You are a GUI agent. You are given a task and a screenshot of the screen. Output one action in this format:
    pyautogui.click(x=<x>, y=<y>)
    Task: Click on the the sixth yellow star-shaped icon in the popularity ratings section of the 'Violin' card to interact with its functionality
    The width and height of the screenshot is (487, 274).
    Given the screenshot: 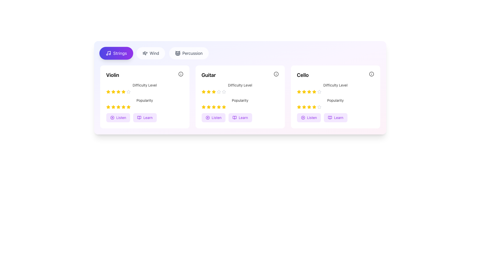 What is the action you would take?
    pyautogui.click(x=123, y=107)
    